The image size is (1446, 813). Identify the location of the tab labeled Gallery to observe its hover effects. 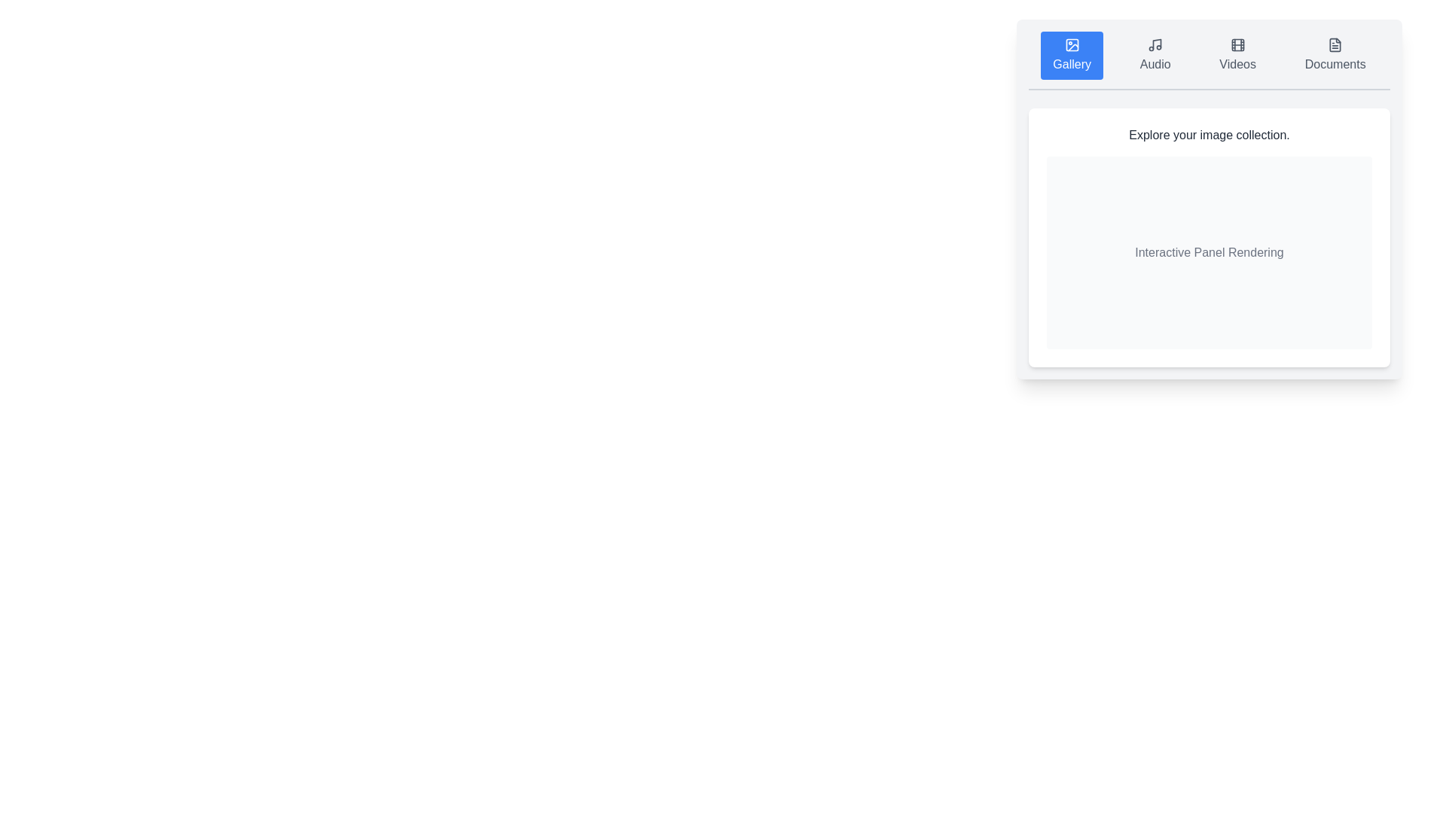
(1071, 54).